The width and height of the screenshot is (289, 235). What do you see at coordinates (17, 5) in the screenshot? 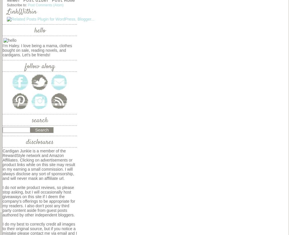
I see `'Subscribe to:'` at bounding box center [17, 5].